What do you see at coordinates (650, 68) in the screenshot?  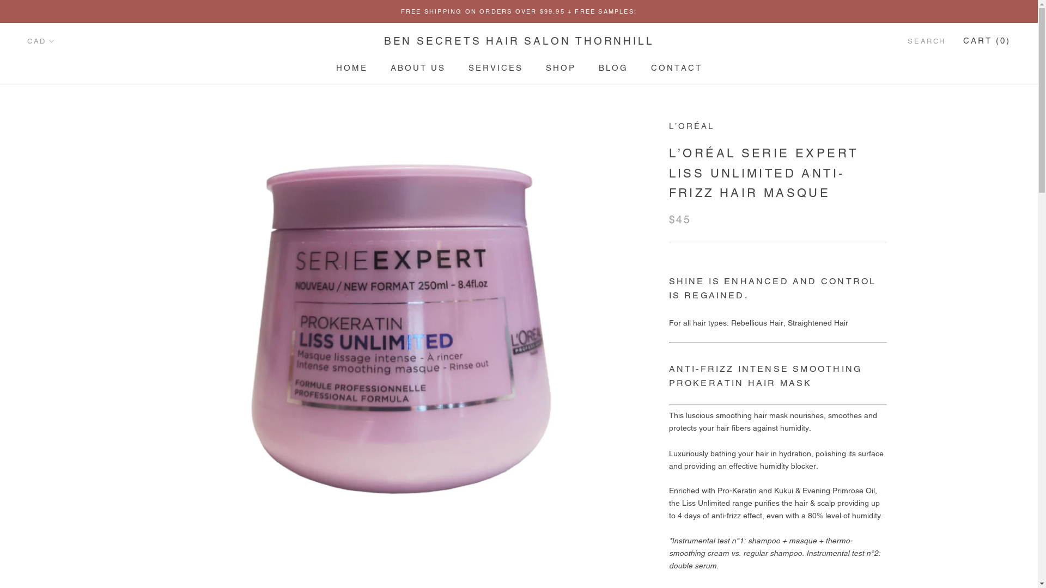 I see `'CONTACT` at bounding box center [650, 68].